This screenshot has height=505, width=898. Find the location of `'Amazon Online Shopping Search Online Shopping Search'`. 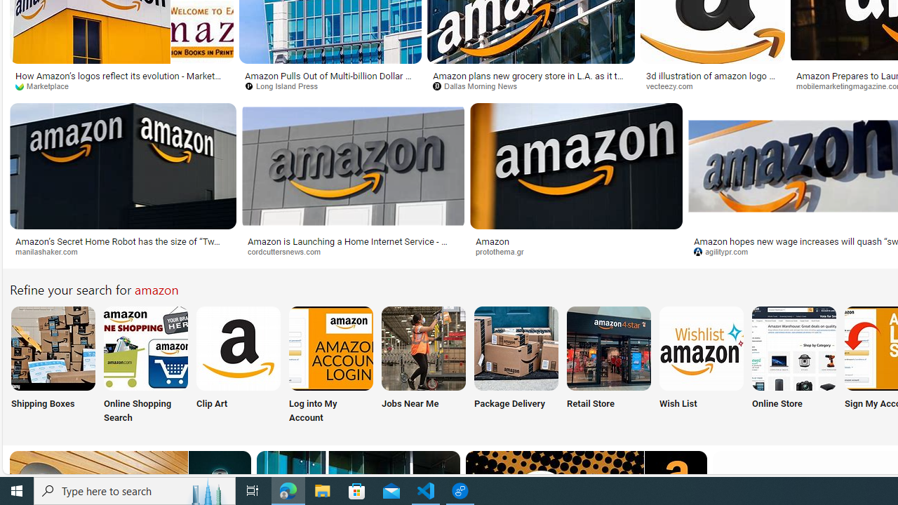

'Amazon Online Shopping Search Online Shopping Search' is located at coordinates (146, 365).